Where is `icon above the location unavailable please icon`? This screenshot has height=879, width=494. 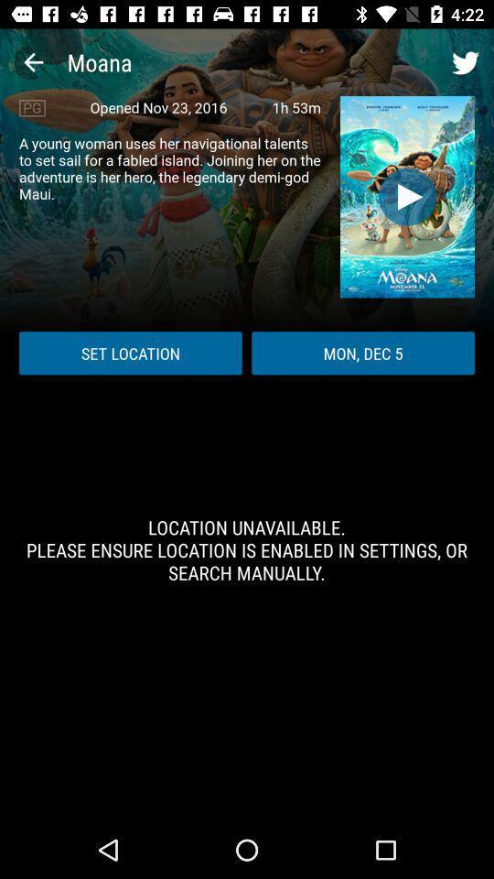 icon above the location unavailable please icon is located at coordinates (129, 352).